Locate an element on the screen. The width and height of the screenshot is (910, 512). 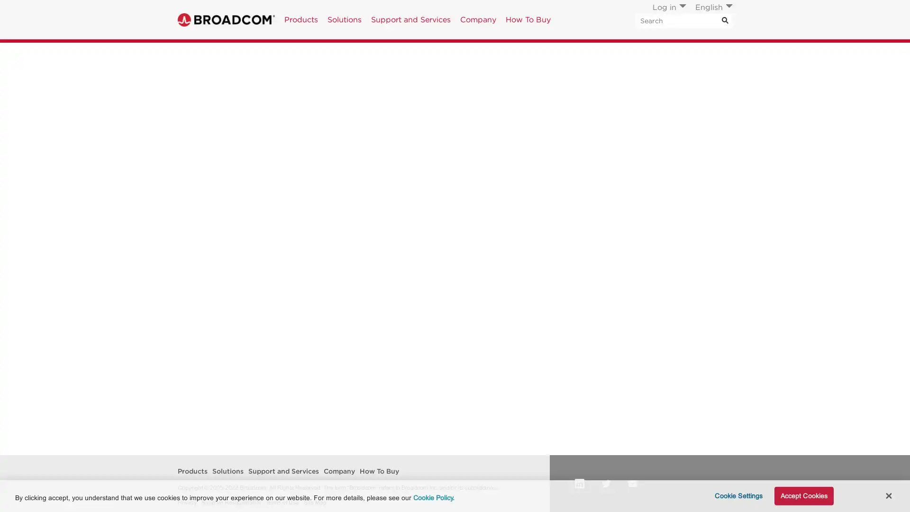
Solutions is located at coordinates (344, 19).